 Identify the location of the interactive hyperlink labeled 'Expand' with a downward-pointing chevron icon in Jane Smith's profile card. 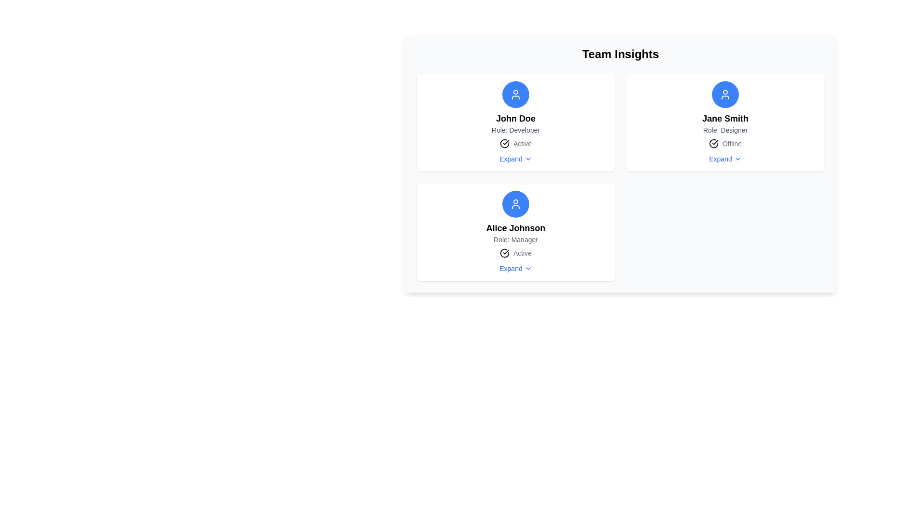
(725, 159).